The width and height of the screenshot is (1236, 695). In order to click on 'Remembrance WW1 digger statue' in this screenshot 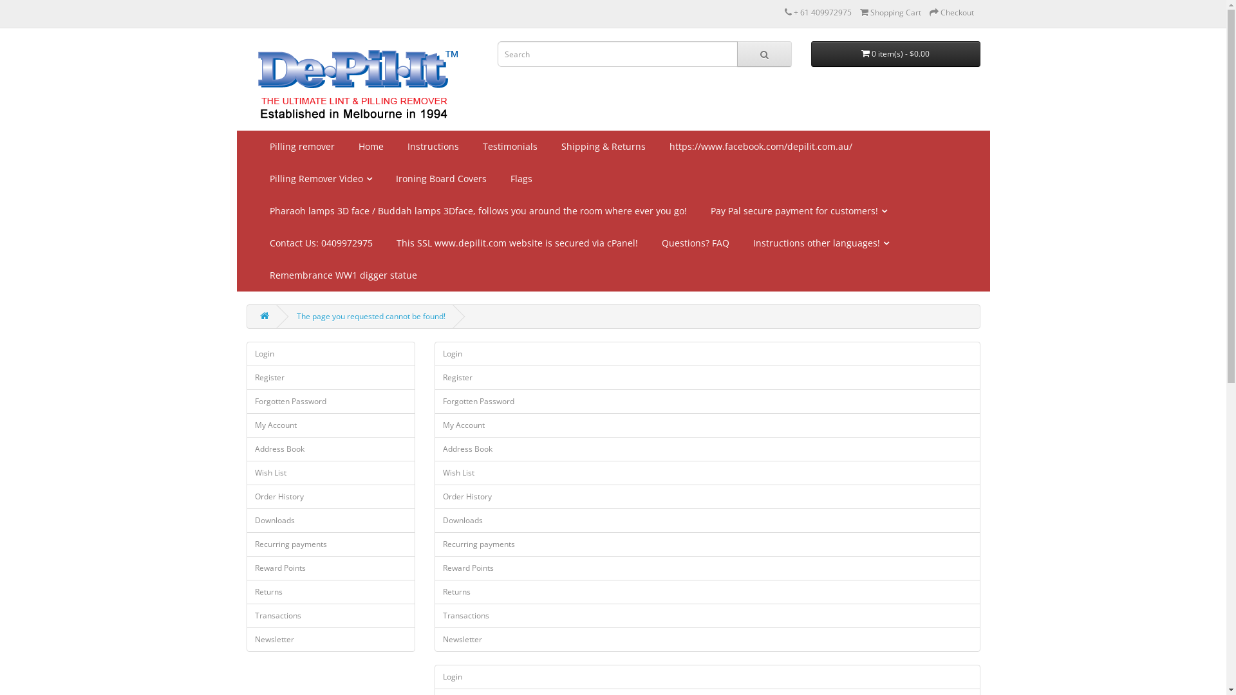, I will do `click(256, 275)`.